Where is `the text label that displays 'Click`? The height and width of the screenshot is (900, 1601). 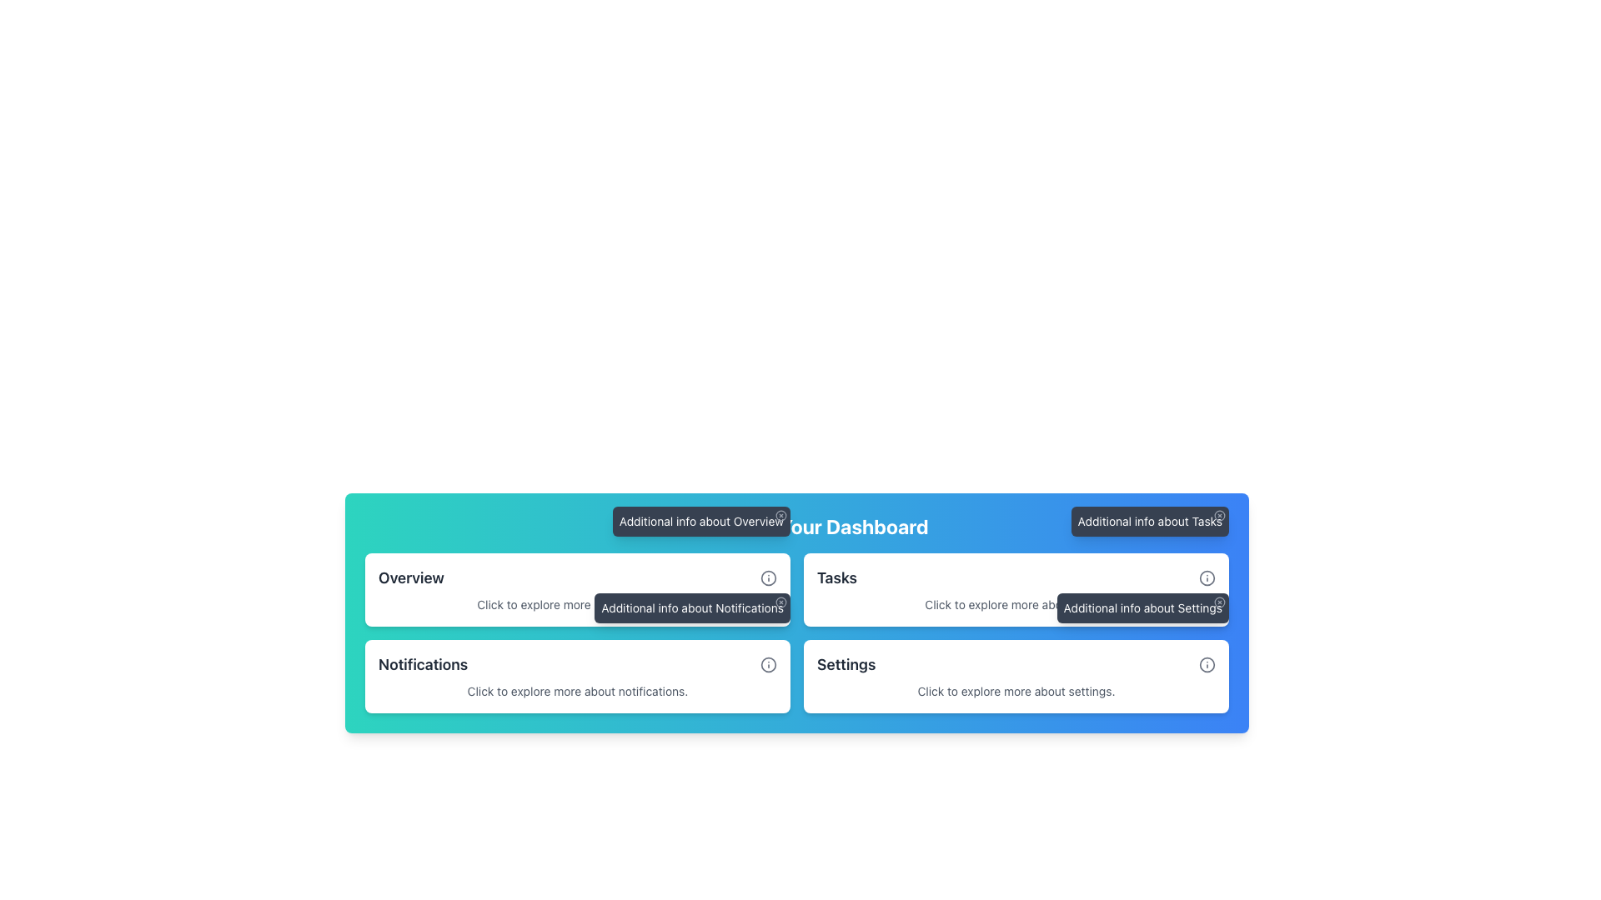
the text label that displays 'Click is located at coordinates (1016, 691).